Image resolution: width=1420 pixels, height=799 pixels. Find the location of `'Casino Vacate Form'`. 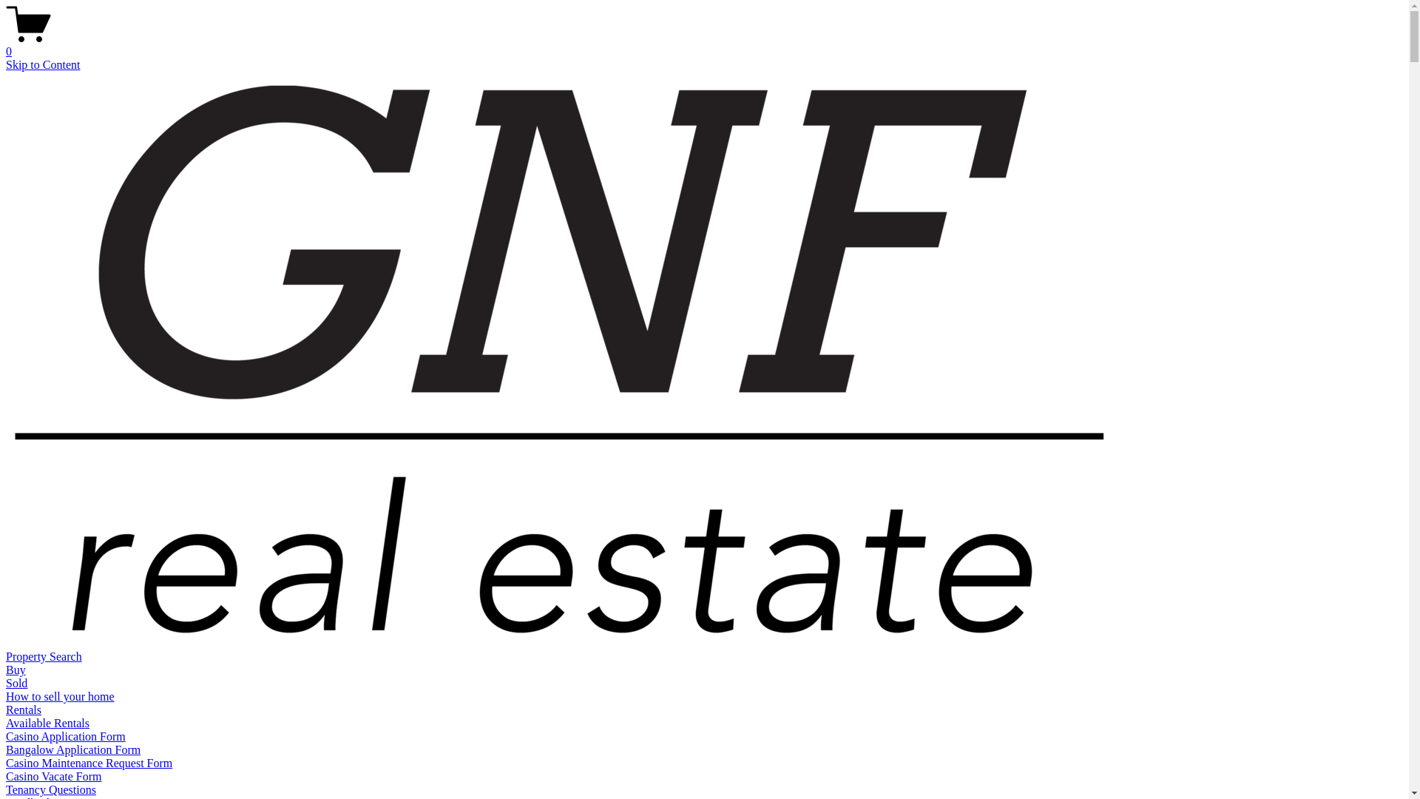

'Casino Vacate Form' is located at coordinates (53, 775).